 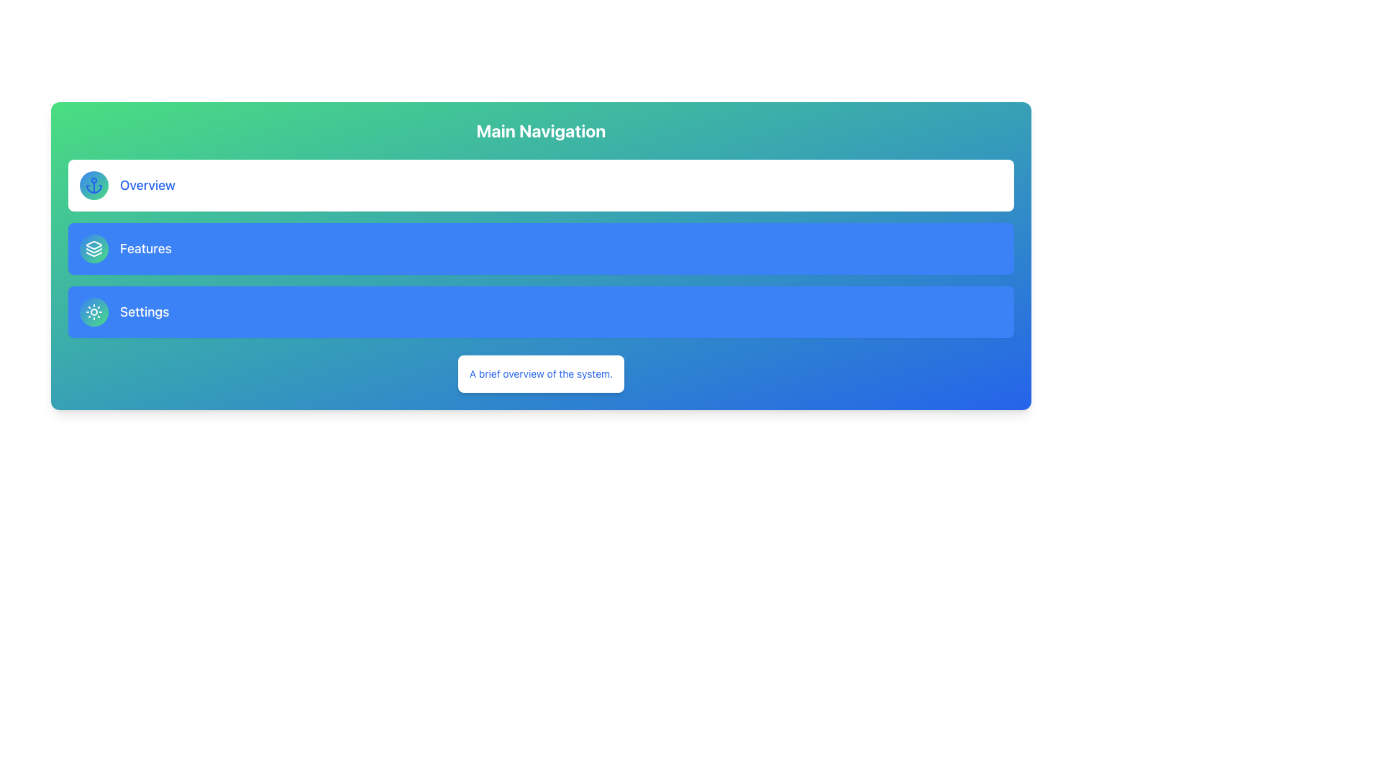 I want to click on the anchor icon representing the 'Overview' section, which is located in the topmost section of the interface, aligned to the left of the text 'Overview', so click(x=93, y=188).